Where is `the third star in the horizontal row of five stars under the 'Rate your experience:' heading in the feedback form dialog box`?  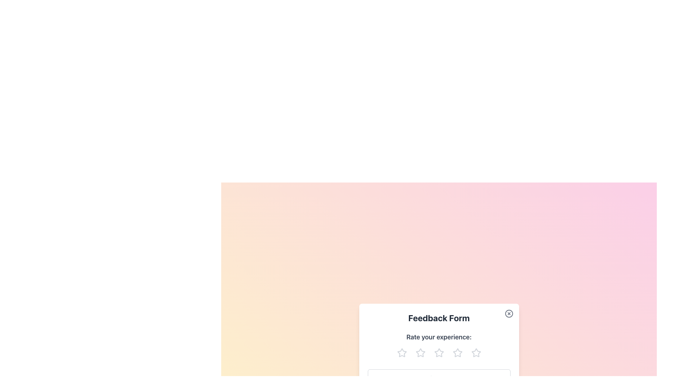
the third star in the horizontal row of five stars under the 'Rate your experience:' heading in the feedback form dialog box is located at coordinates (438, 353).